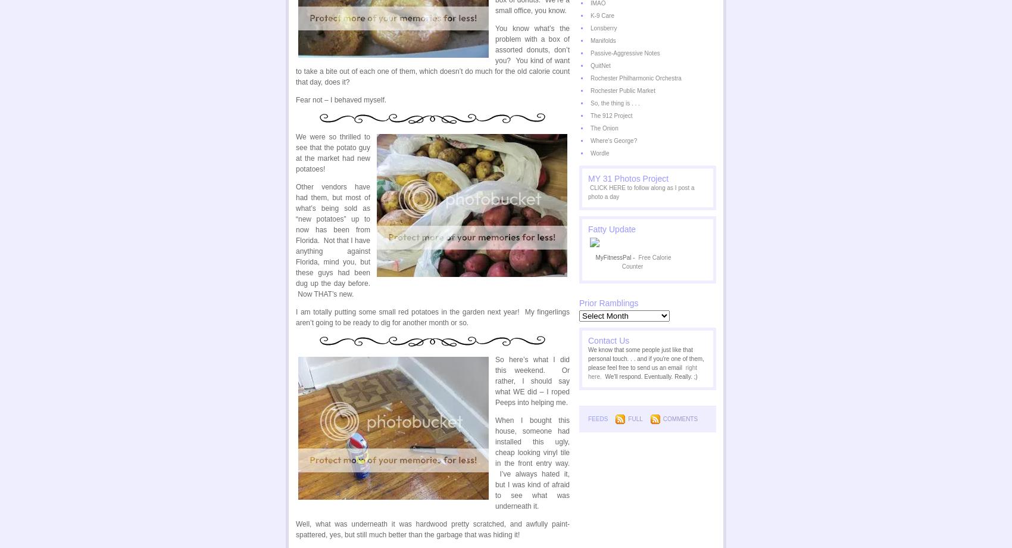  I want to click on 'Fear not – I behaved myself.', so click(341, 99).